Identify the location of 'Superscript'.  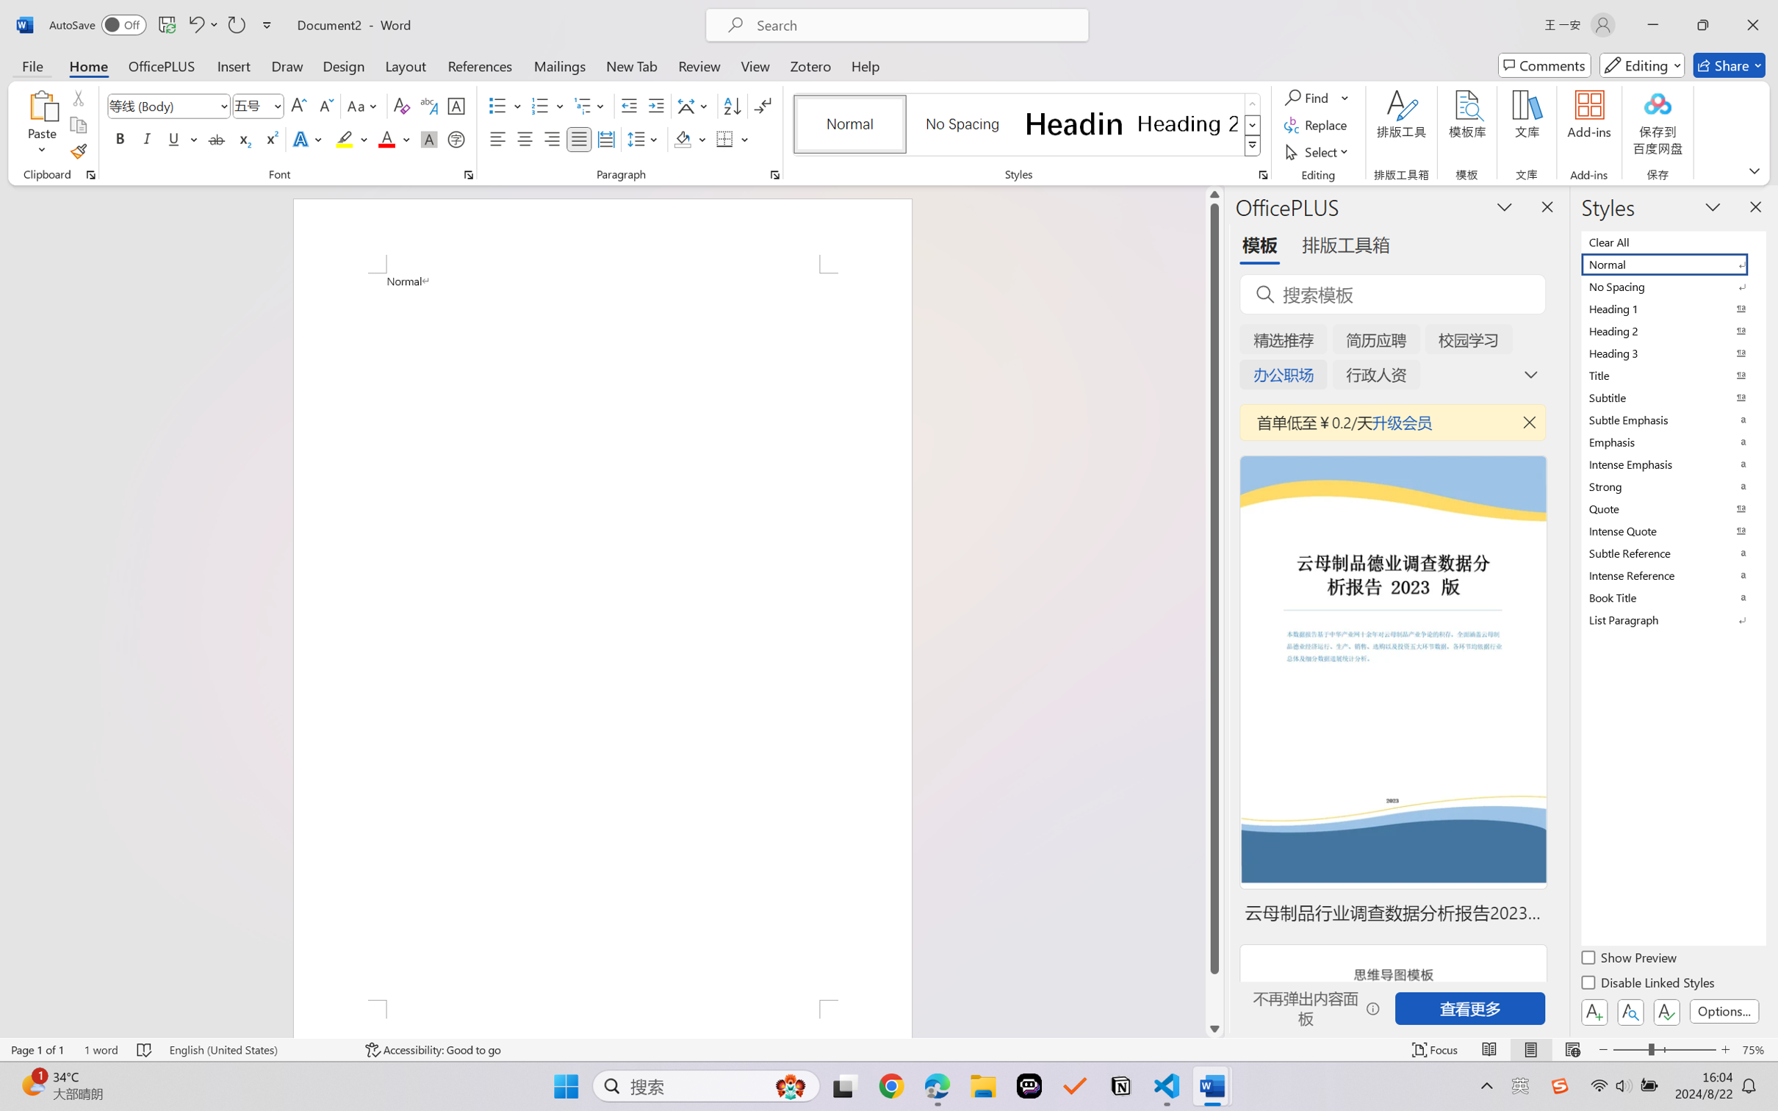
(270, 138).